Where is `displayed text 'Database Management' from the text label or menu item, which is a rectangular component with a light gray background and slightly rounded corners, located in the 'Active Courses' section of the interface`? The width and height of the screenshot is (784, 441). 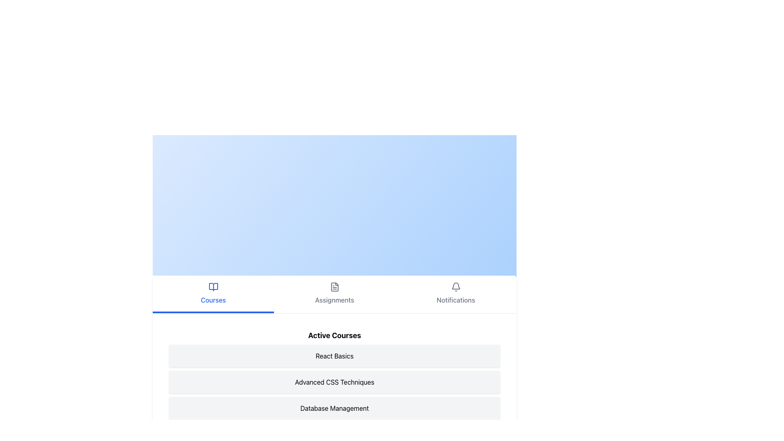 displayed text 'Database Management' from the text label or menu item, which is a rectangular component with a light gray background and slightly rounded corners, located in the 'Active Courses' section of the interface is located at coordinates (334, 408).